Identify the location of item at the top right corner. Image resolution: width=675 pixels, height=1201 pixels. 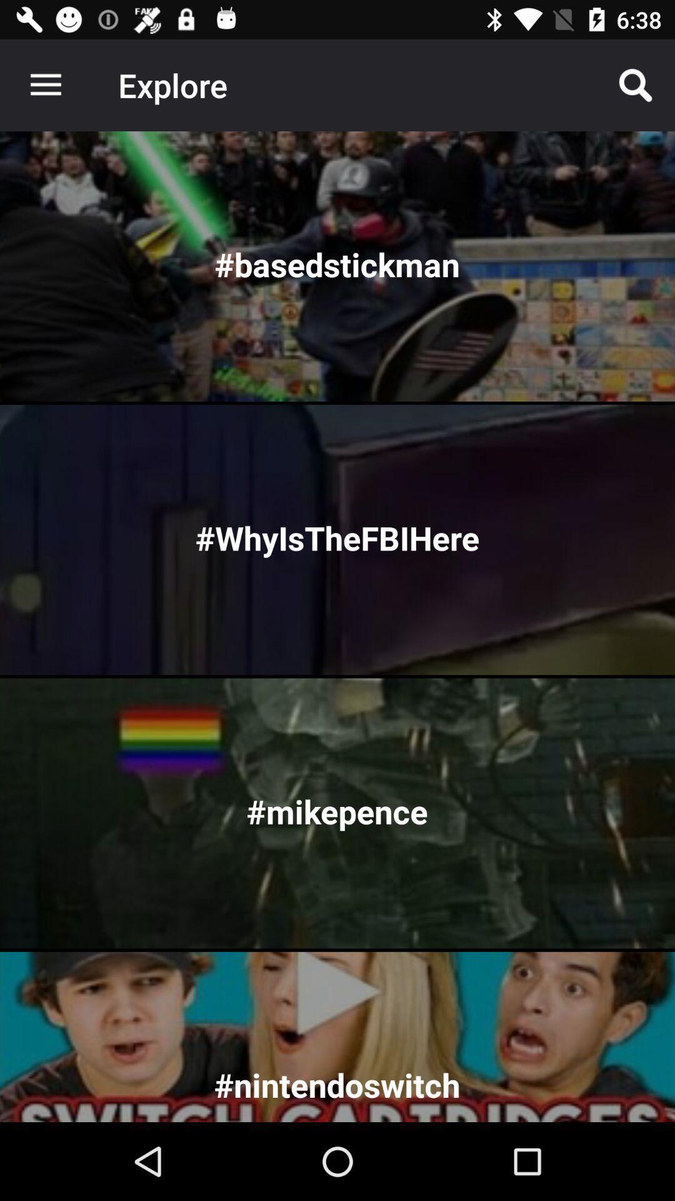
(636, 84).